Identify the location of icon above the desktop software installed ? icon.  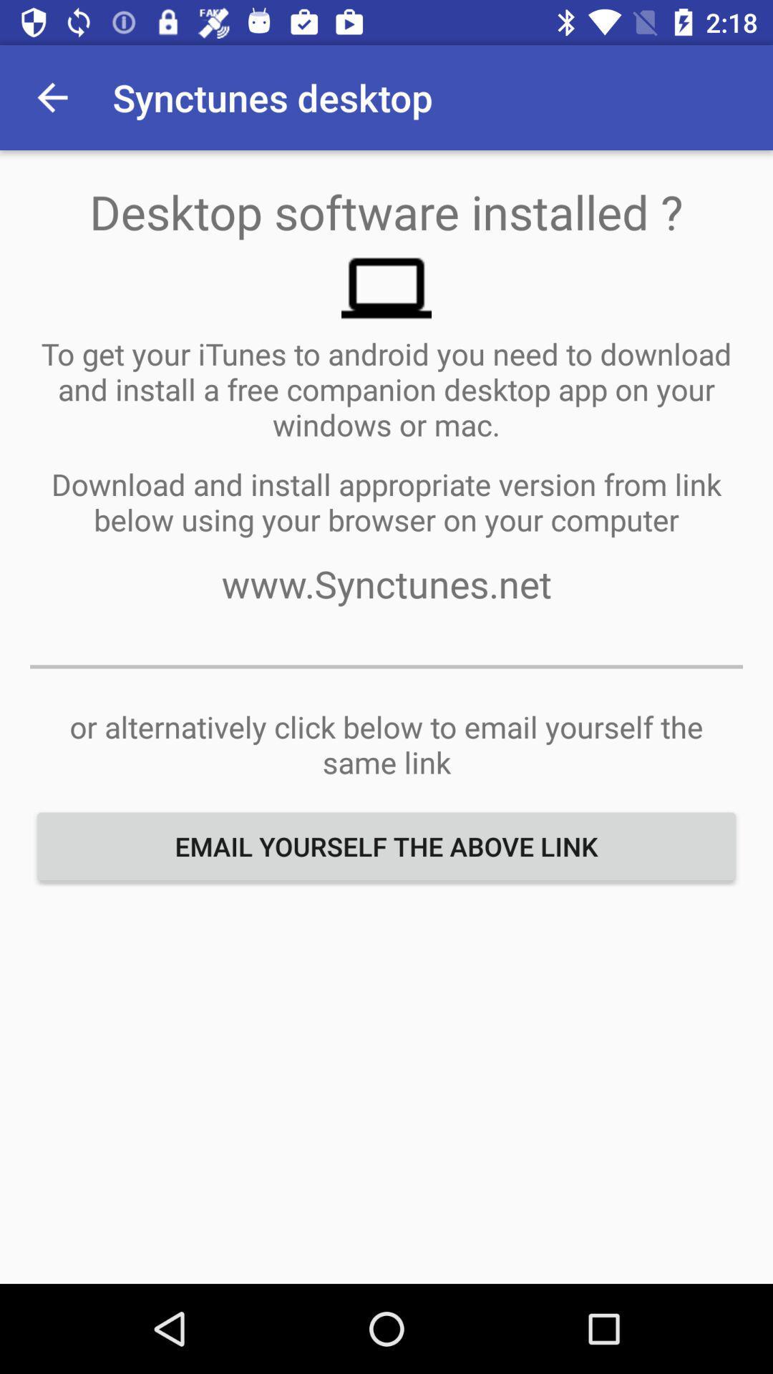
(52, 97).